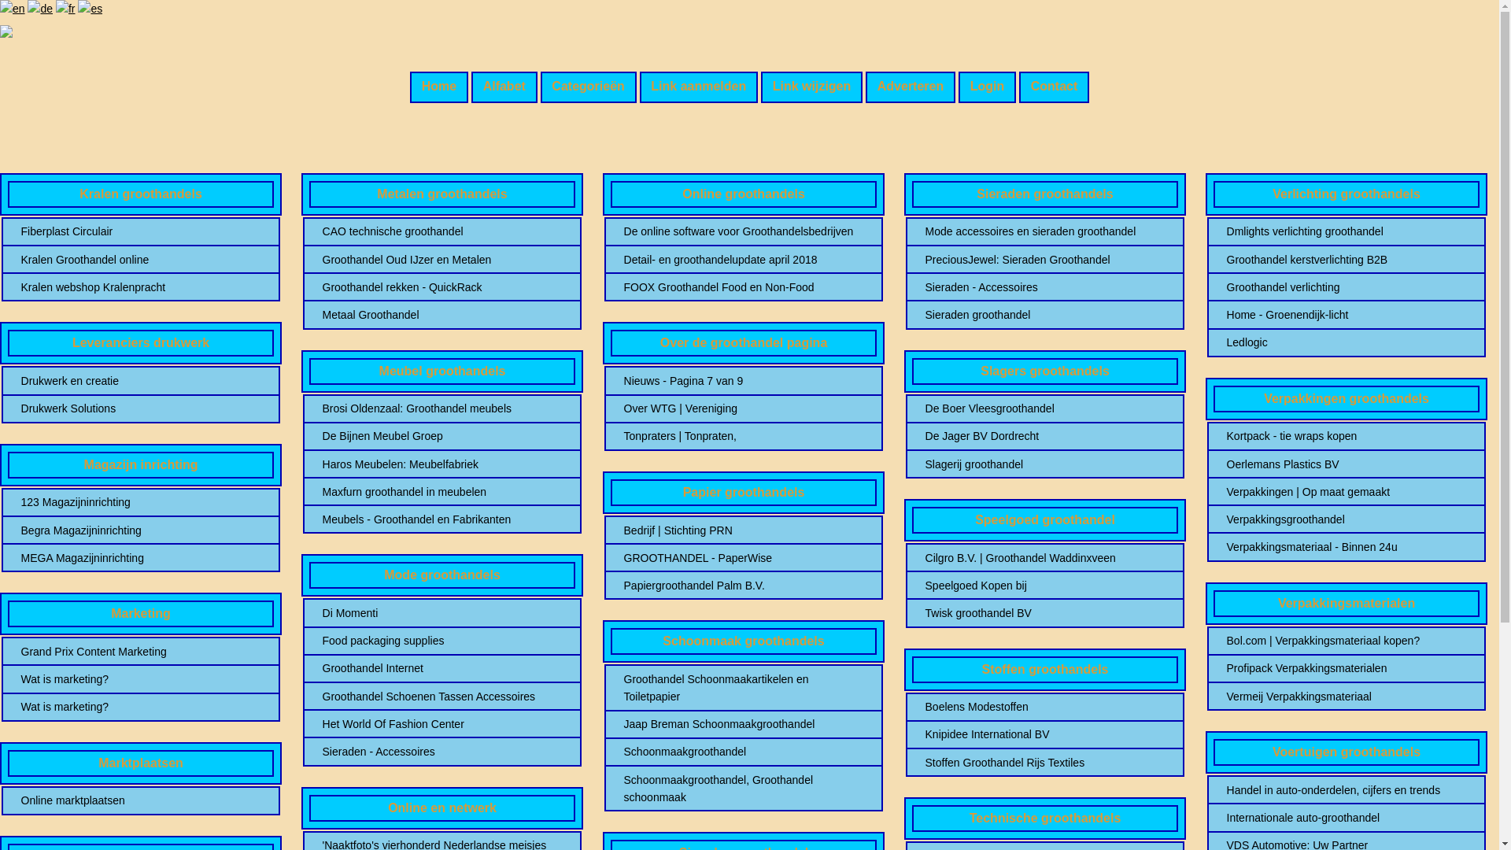  Describe the element at coordinates (1346, 342) in the screenshot. I see `'Ledlogic'` at that location.